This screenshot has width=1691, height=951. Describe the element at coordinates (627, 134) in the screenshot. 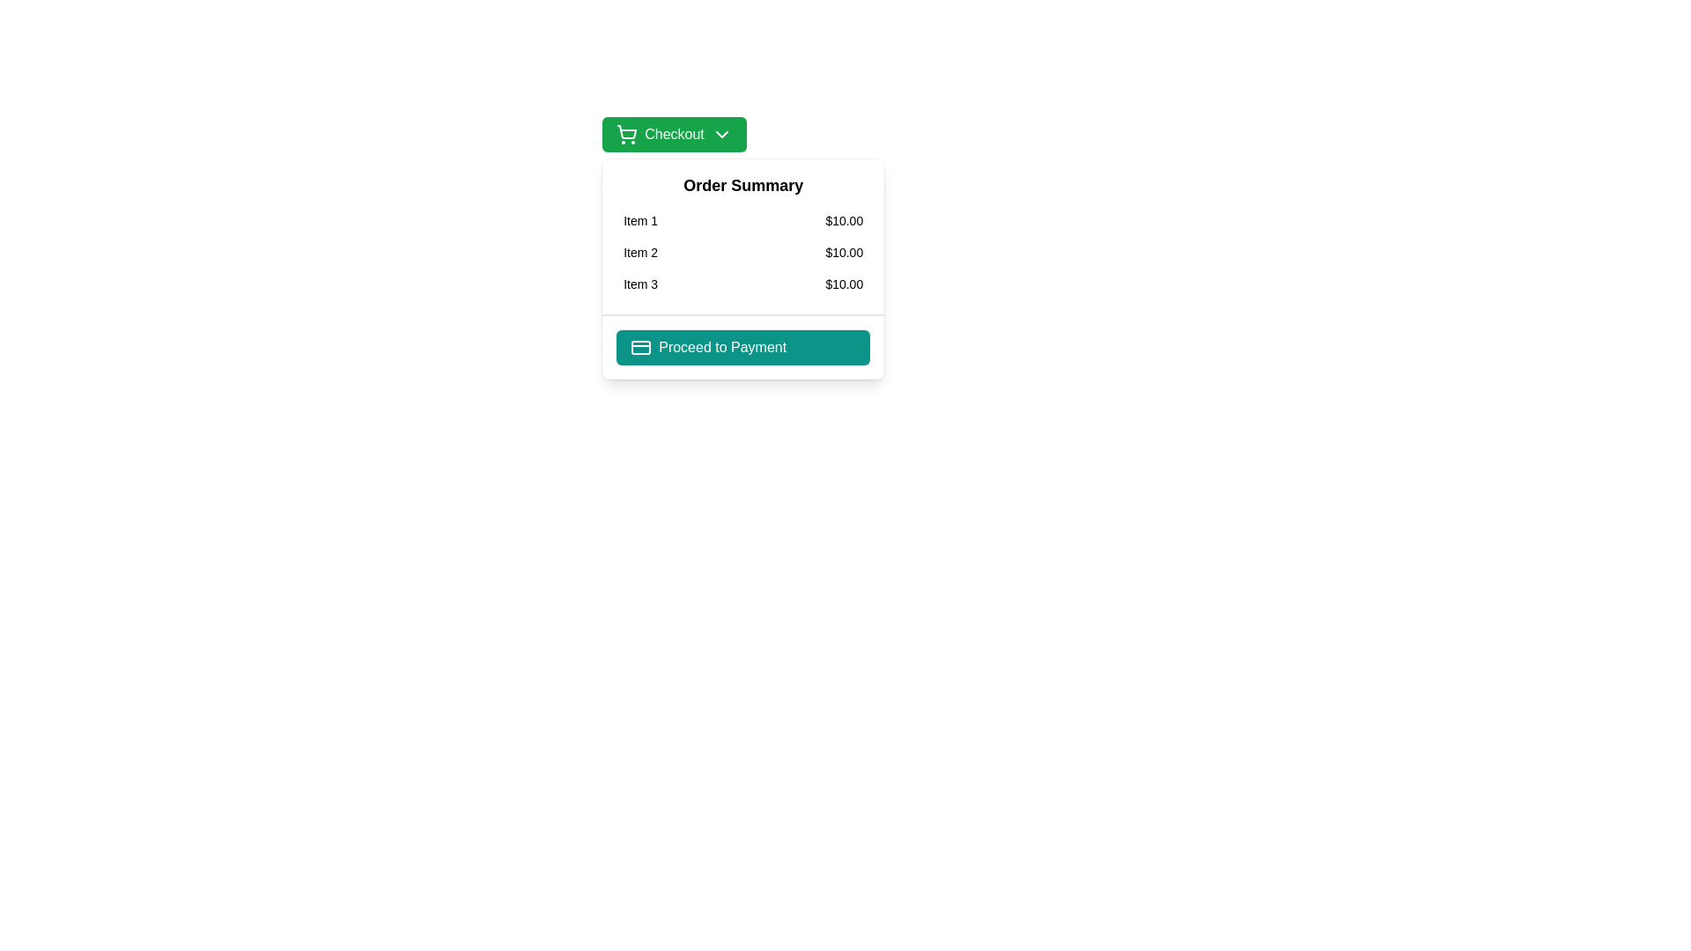

I see `the shopping cart icon located on the left side of the green 'Checkout' button, positioned before the 'Checkout' text` at that location.